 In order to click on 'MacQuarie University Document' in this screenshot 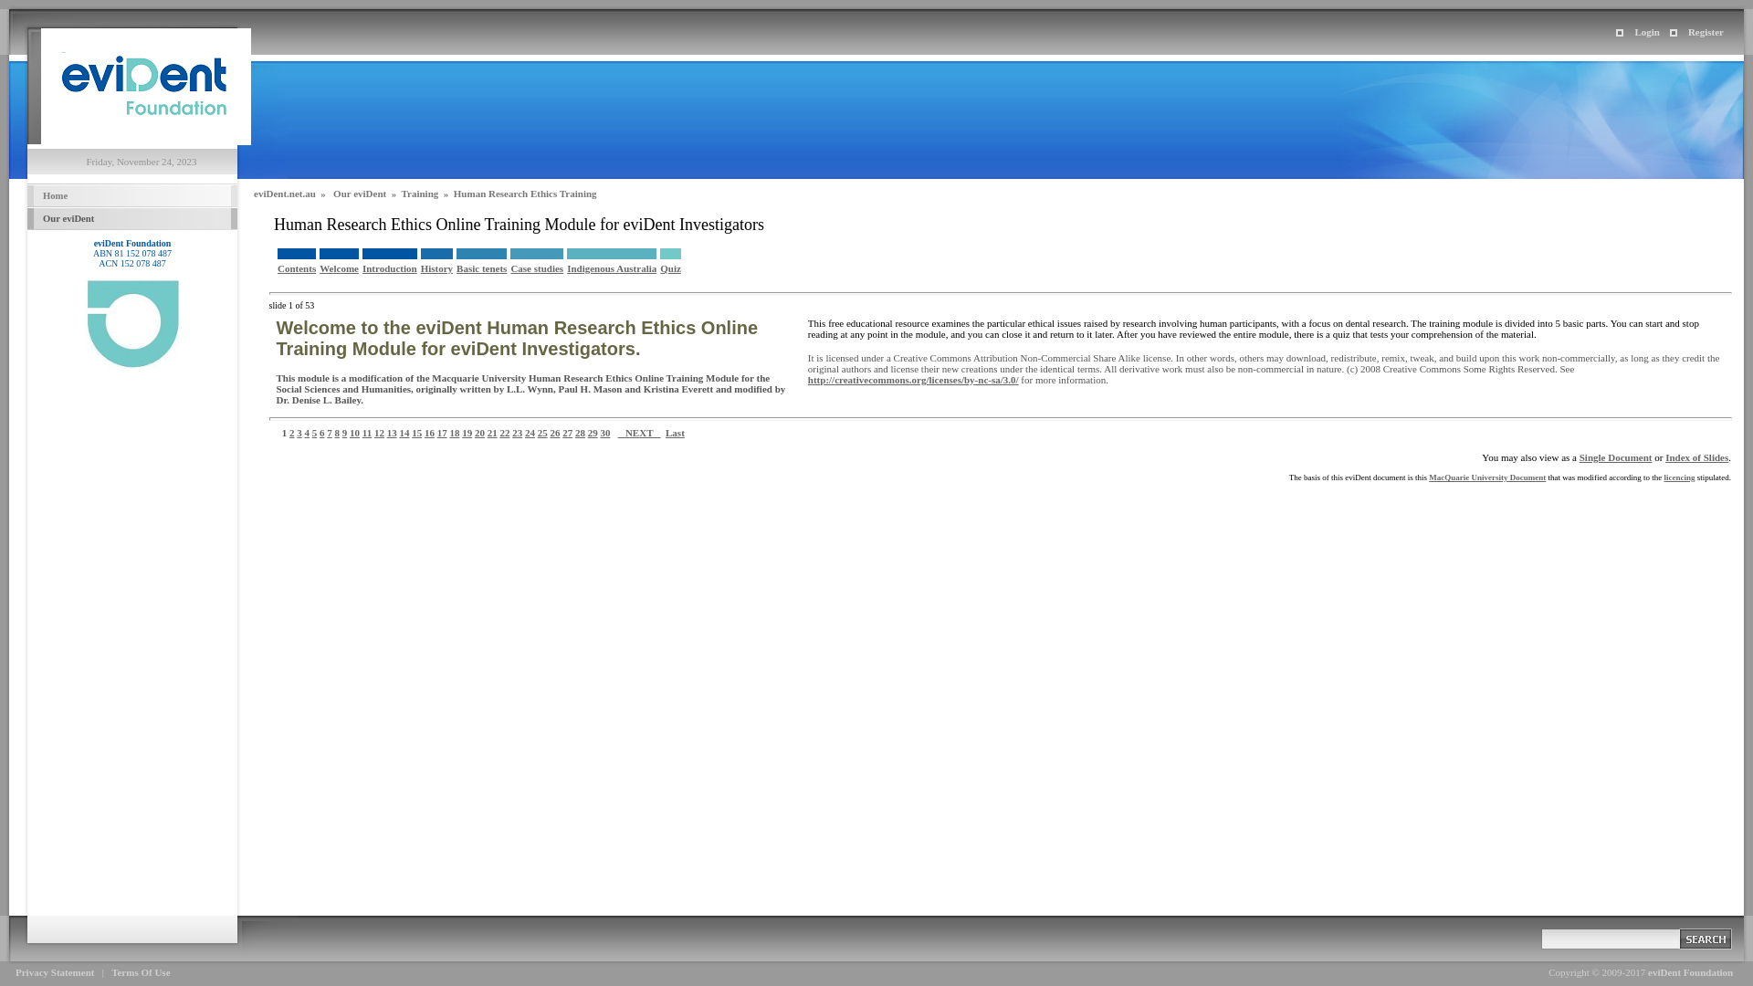, I will do `click(1486, 475)`.